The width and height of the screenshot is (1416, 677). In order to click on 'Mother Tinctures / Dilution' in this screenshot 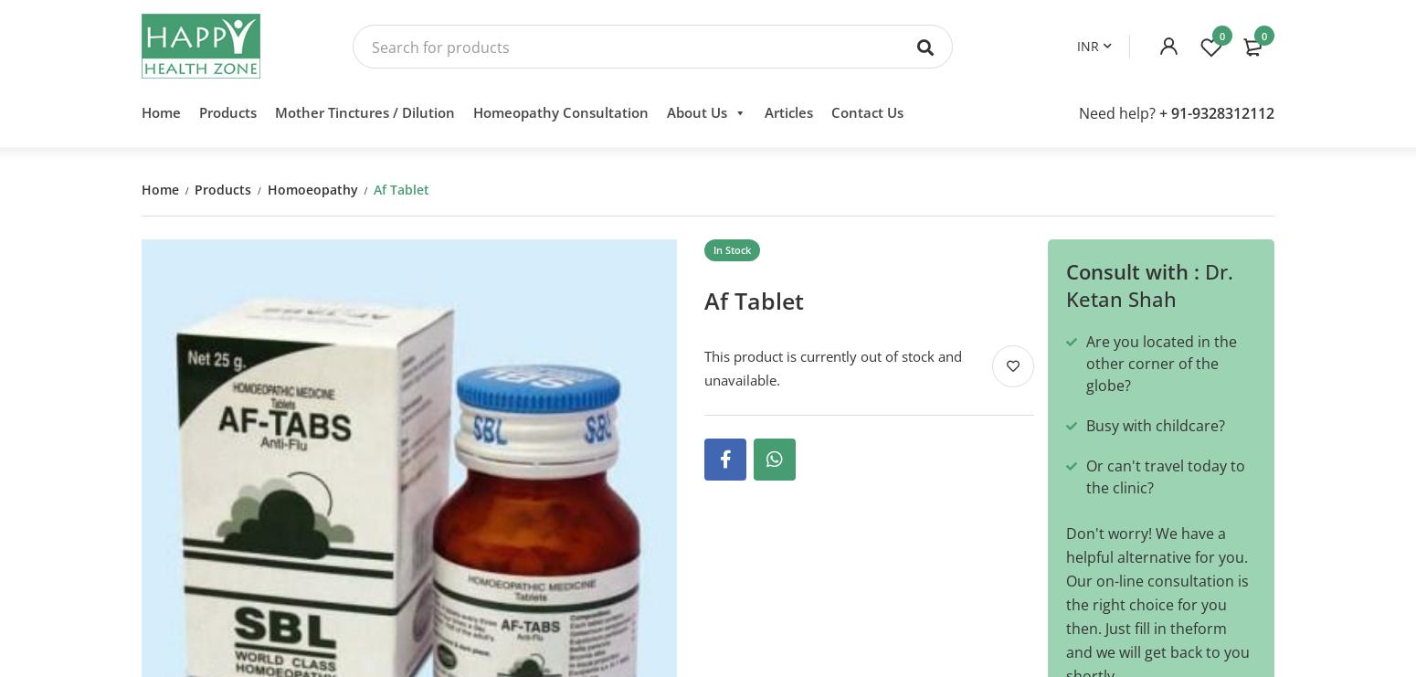, I will do `click(365, 119)`.